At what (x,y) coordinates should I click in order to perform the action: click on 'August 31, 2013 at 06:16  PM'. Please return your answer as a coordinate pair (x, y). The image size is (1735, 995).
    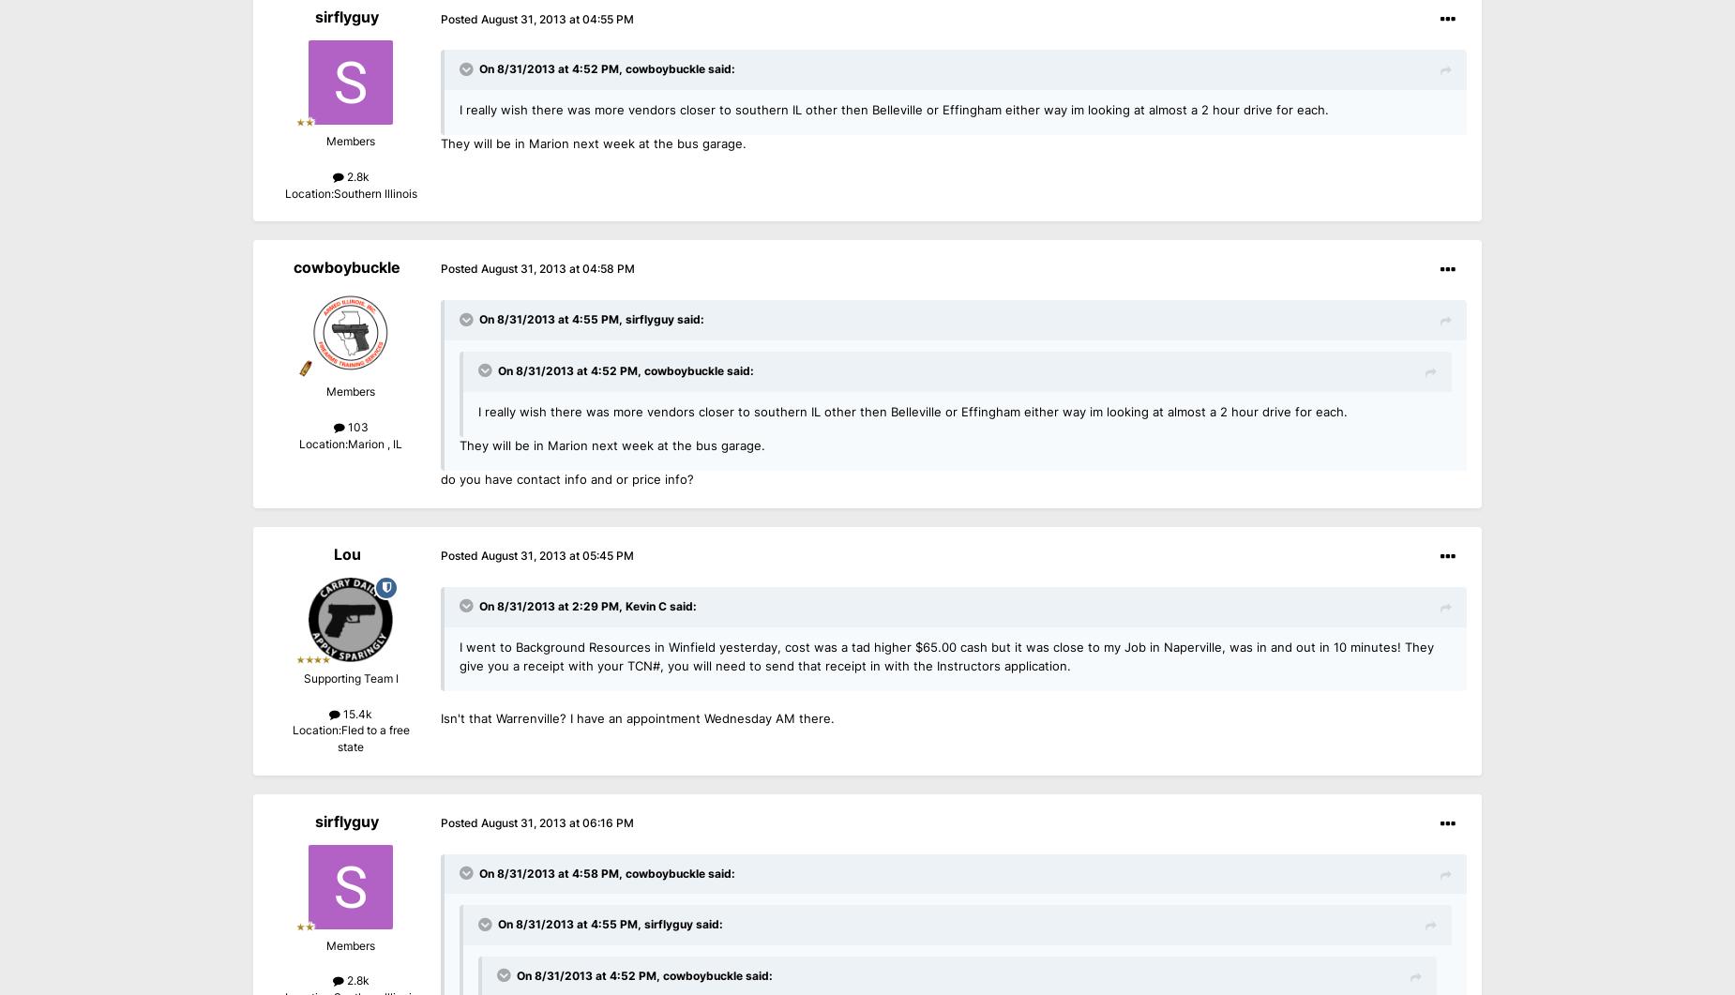
    Looking at the image, I should click on (557, 822).